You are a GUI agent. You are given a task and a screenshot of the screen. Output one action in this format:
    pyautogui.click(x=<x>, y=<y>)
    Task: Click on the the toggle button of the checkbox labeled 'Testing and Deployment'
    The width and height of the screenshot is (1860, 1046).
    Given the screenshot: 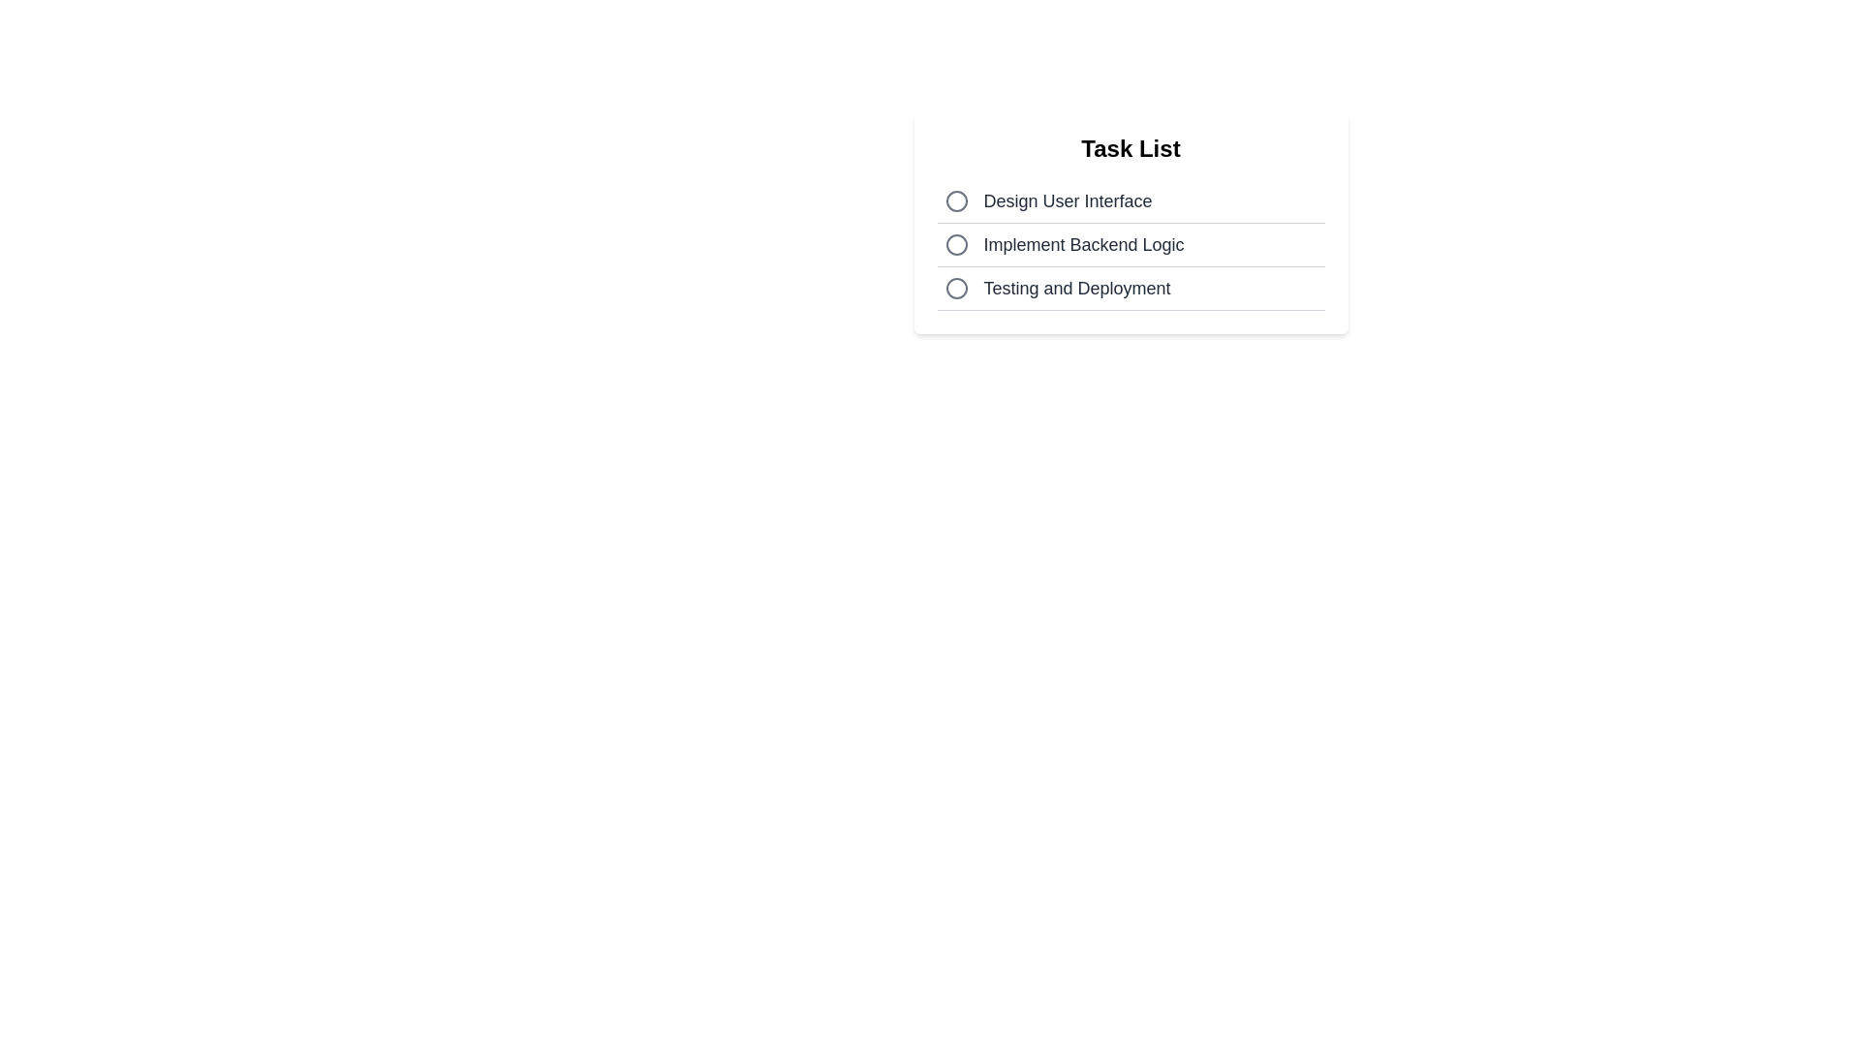 What is the action you would take?
    pyautogui.click(x=1131, y=289)
    